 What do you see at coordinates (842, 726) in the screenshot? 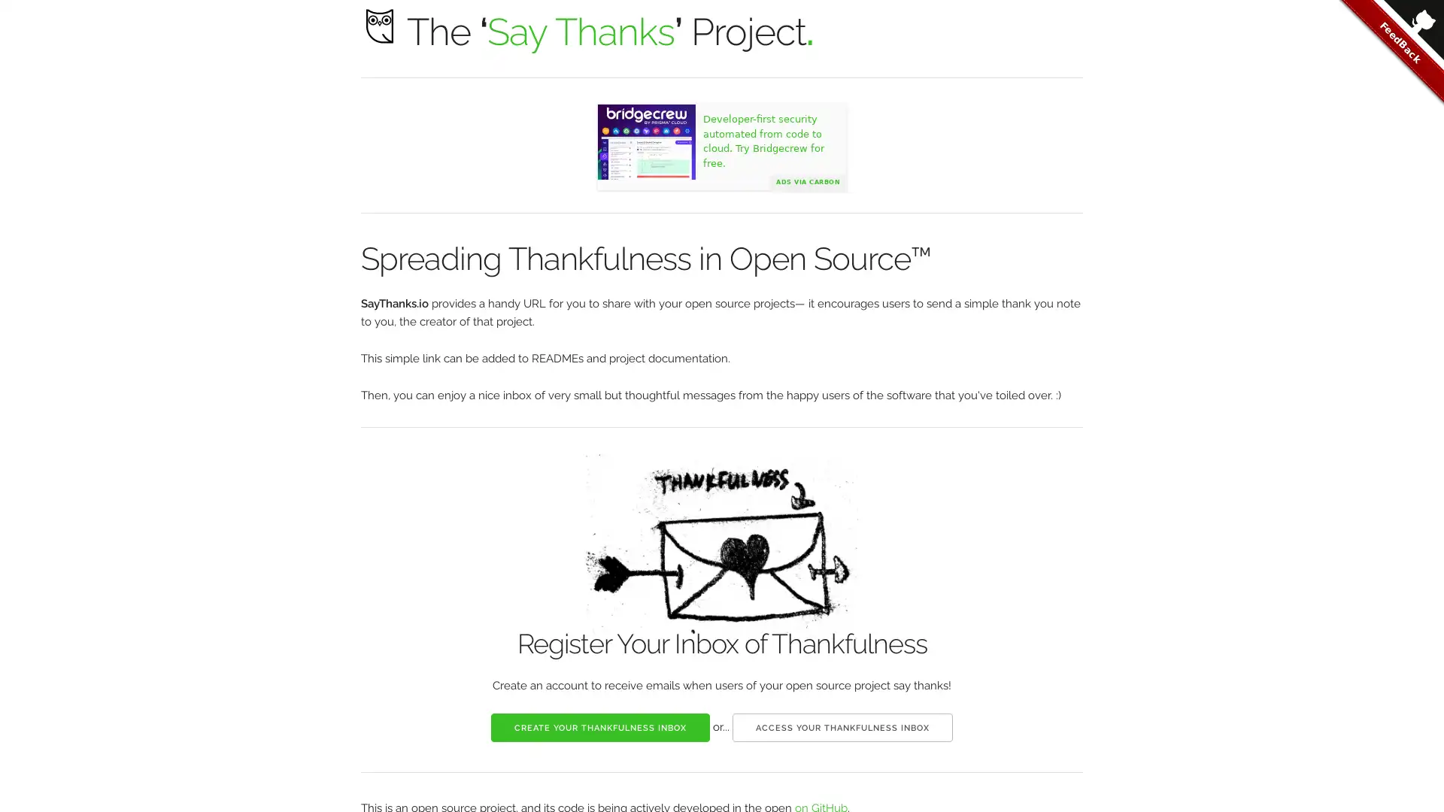
I see `ACCESS YOUR THANKFULNESS INBOX` at bounding box center [842, 726].